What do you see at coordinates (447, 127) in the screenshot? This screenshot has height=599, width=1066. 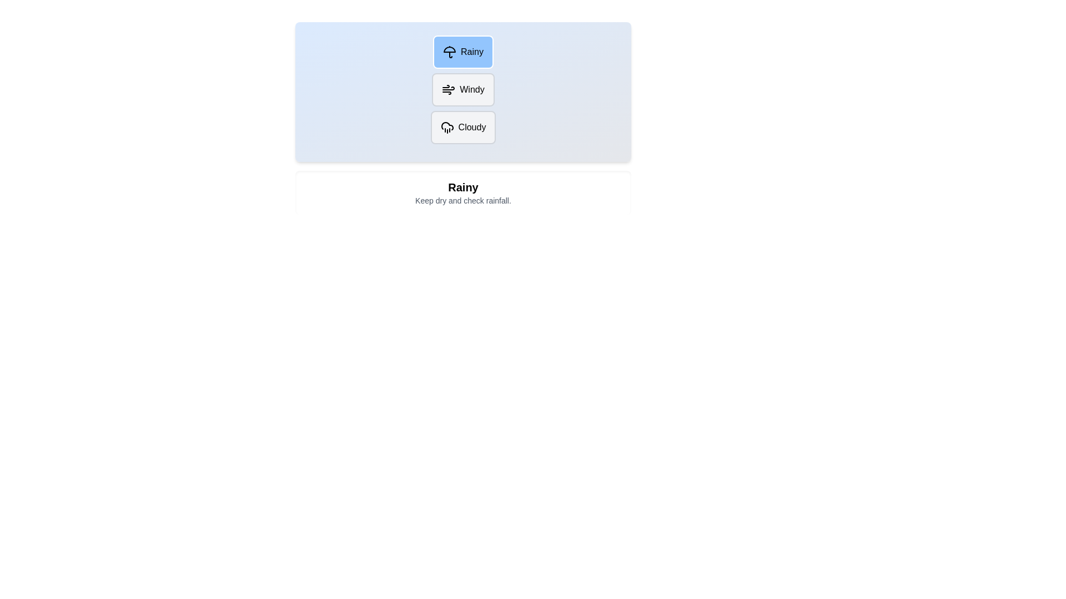 I see `the icon for the Cloudy weather option` at bounding box center [447, 127].